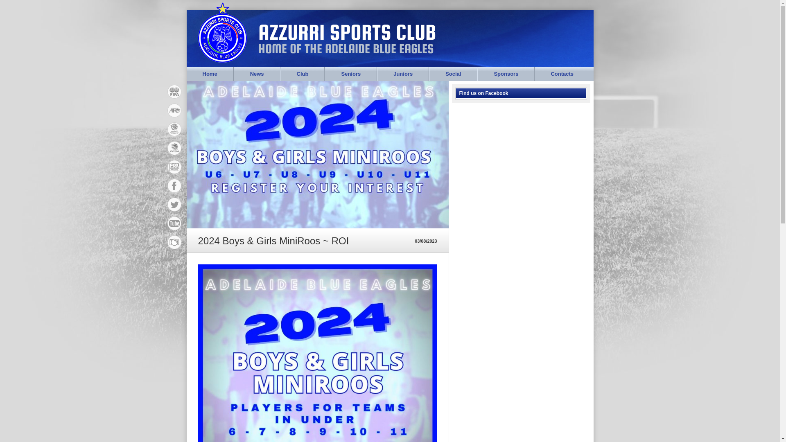 This screenshot has width=786, height=442. Describe the element at coordinates (453, 74) in the screenshot. I see `'Social'` at that location.